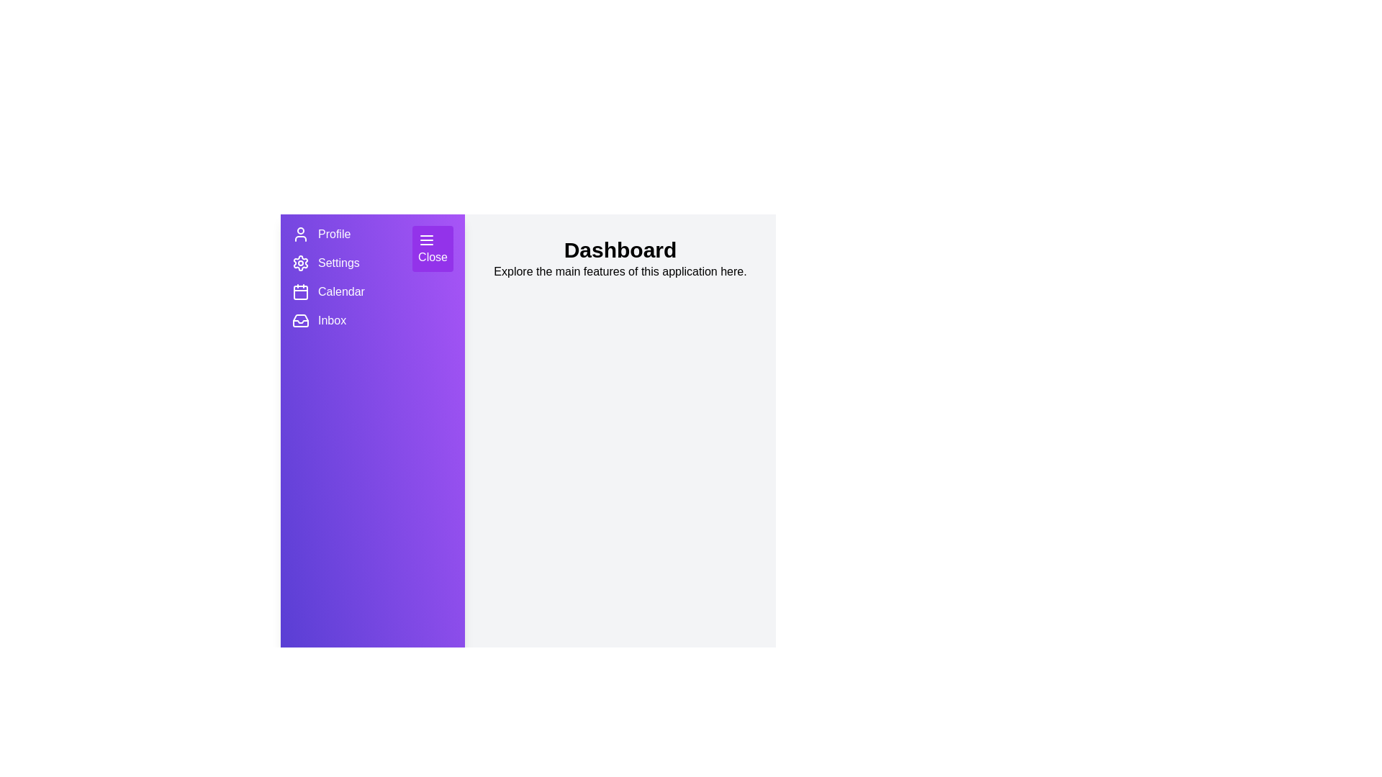 The image size is (1382, 777). I want to click on the menu item Settings, so click(299, 263).